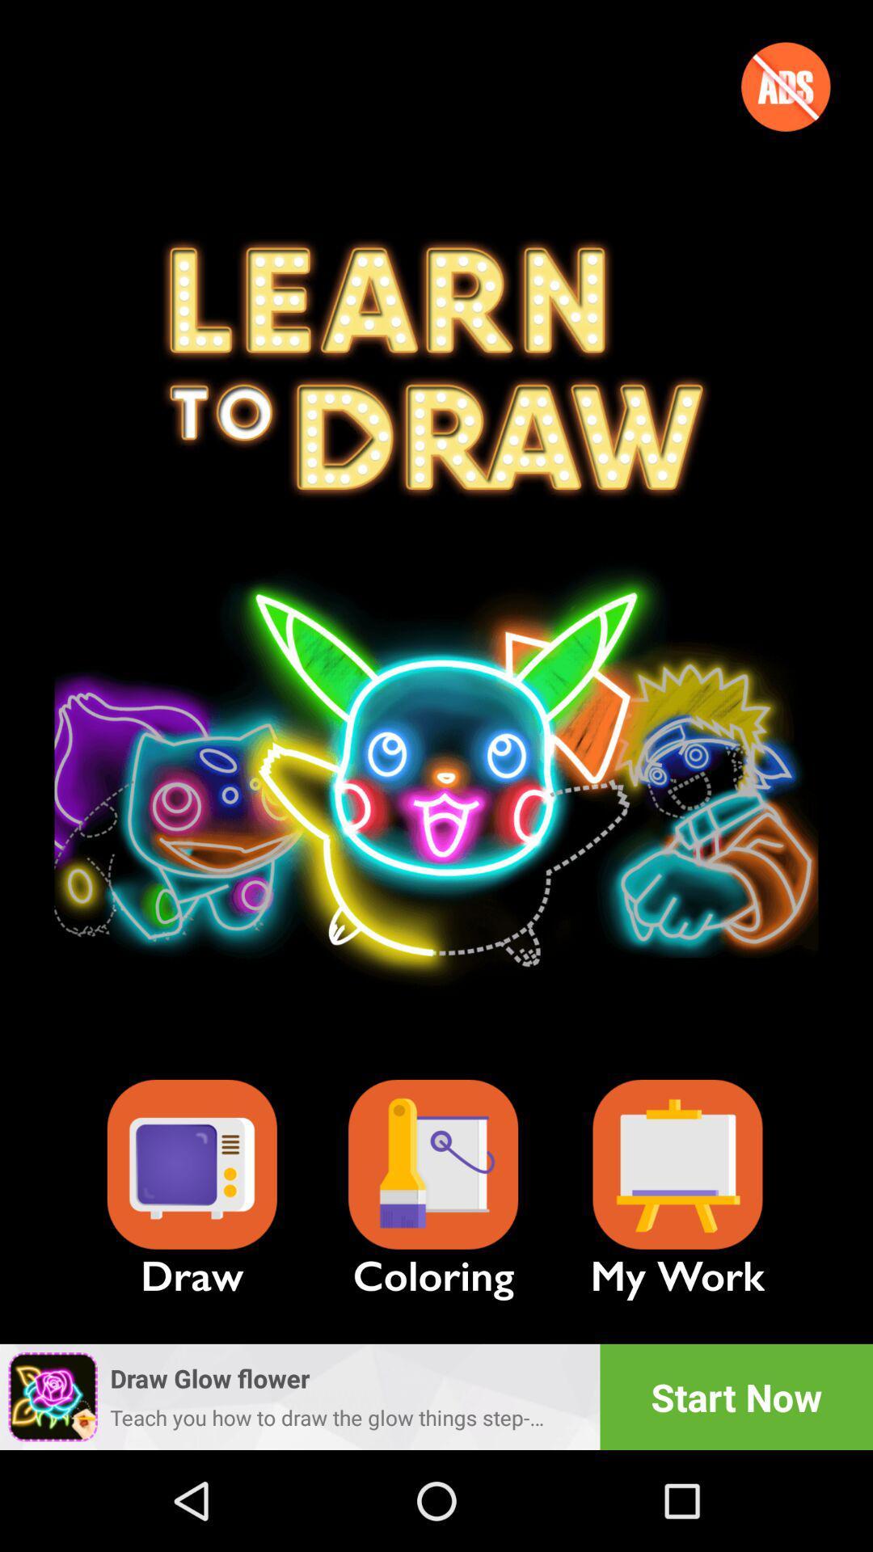 This screenshot has height=1552, width=873. Describe the element at coordinates (677, 1165) in the screenshot. I see `show your details` at that location.